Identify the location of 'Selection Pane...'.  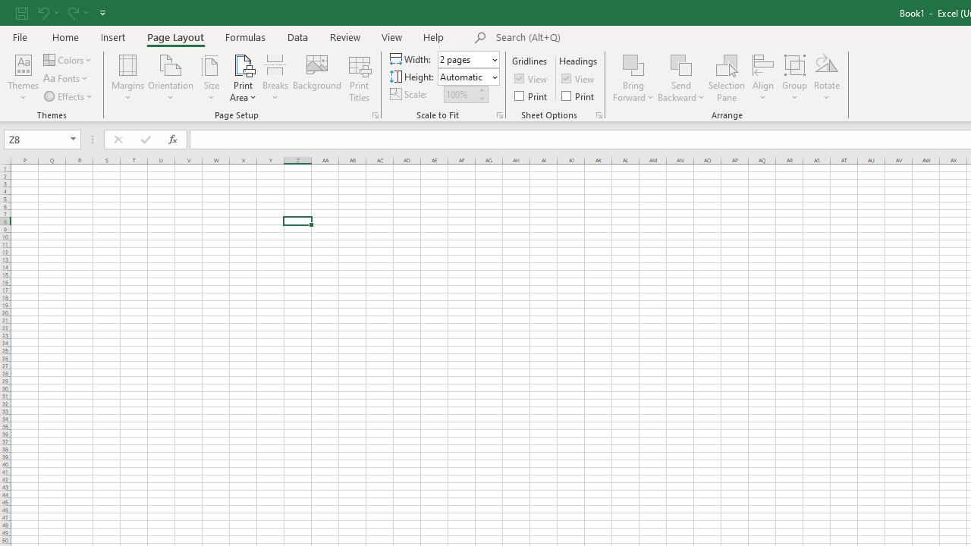
(726, 78).